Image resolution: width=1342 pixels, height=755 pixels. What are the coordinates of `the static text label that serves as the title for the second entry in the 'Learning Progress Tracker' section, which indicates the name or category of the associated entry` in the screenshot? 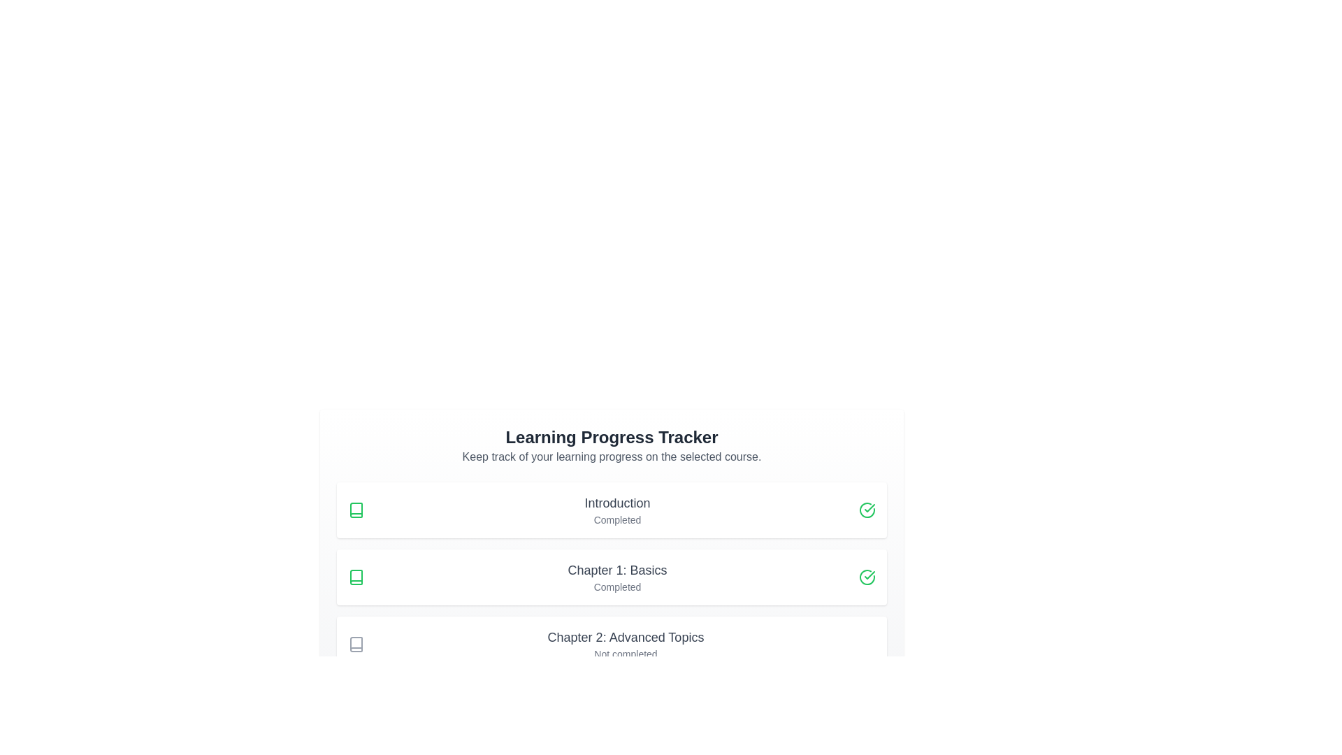 It's located at (616, 570).